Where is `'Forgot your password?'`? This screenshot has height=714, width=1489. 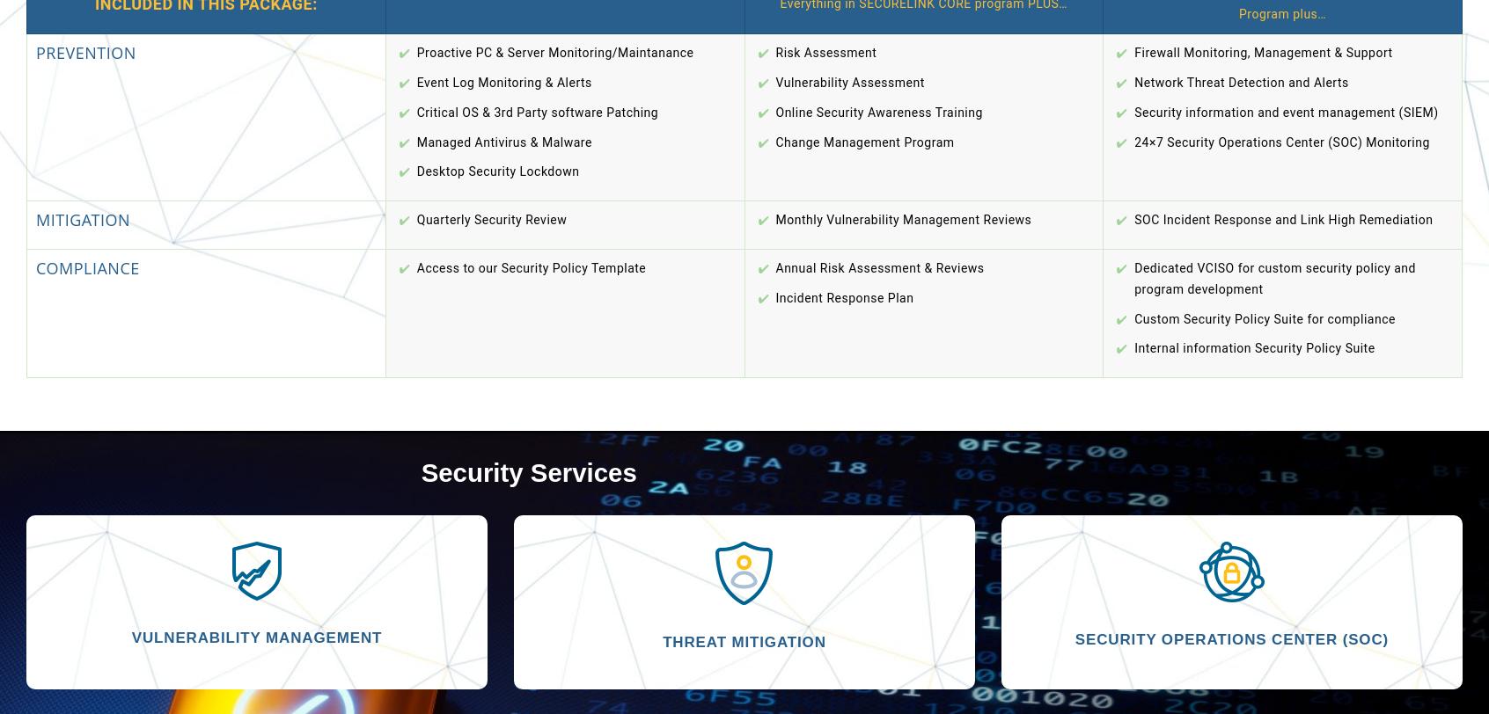
'Forgot your password?' is located at coordinates (407, 178).